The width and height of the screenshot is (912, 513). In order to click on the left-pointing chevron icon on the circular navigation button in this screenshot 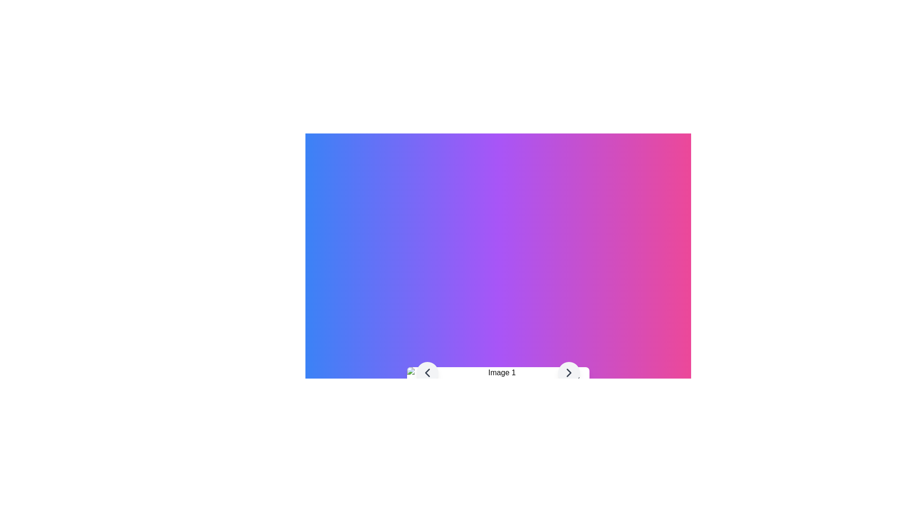, I will do `click(427, 372)`.